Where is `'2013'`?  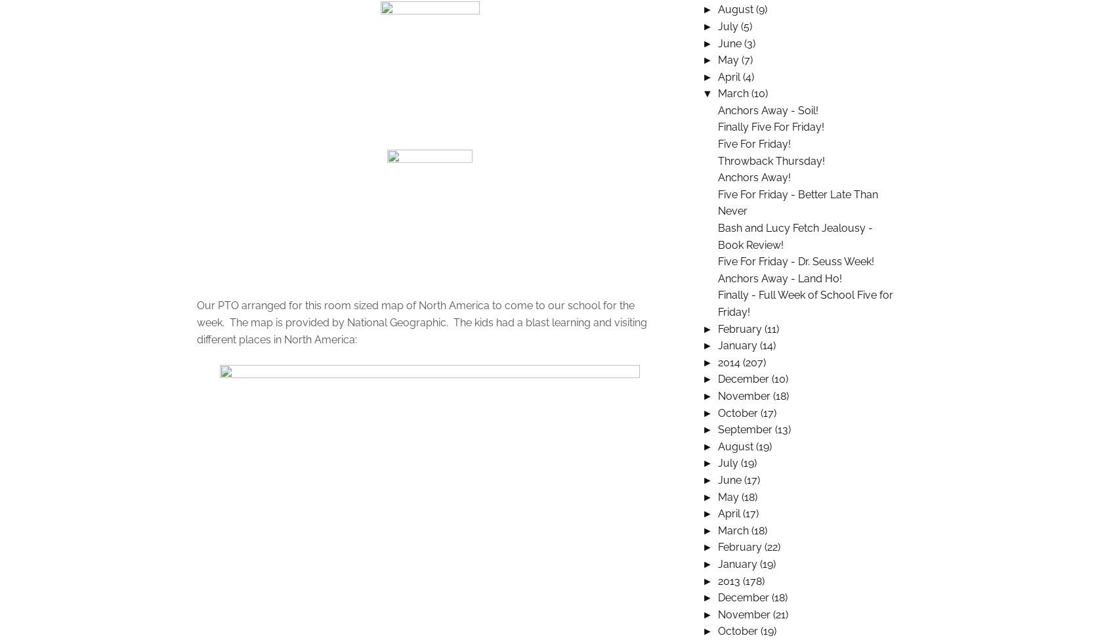 '2013' is located at coordinates (729, 580).